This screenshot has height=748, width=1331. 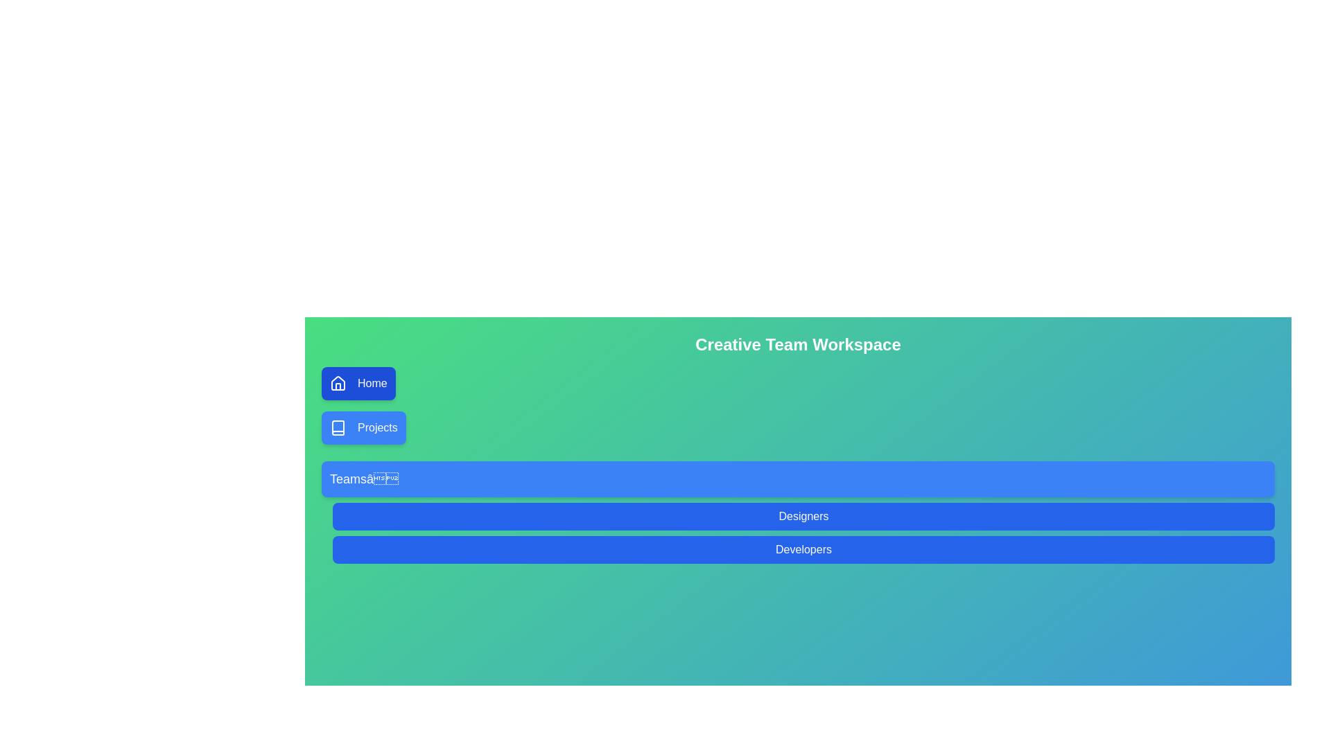 What do you see at coordinates (363, 427) in the screenshot?
I see `the 'Projects' button, which is a rectangular button with rounded corners, light blue background, and an open book icon on the left, located as the second button in a vertical stack on the left edge of the interface` at bounding box center [363, 427].